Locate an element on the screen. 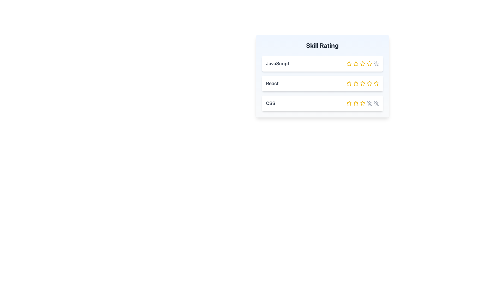 This screenshot has height=282, width=501. the label for the skill named 'React' in the second row of the 'Skill Rating' list, which is grouped with a rating section of star icons is located at coordinates (272, 83).